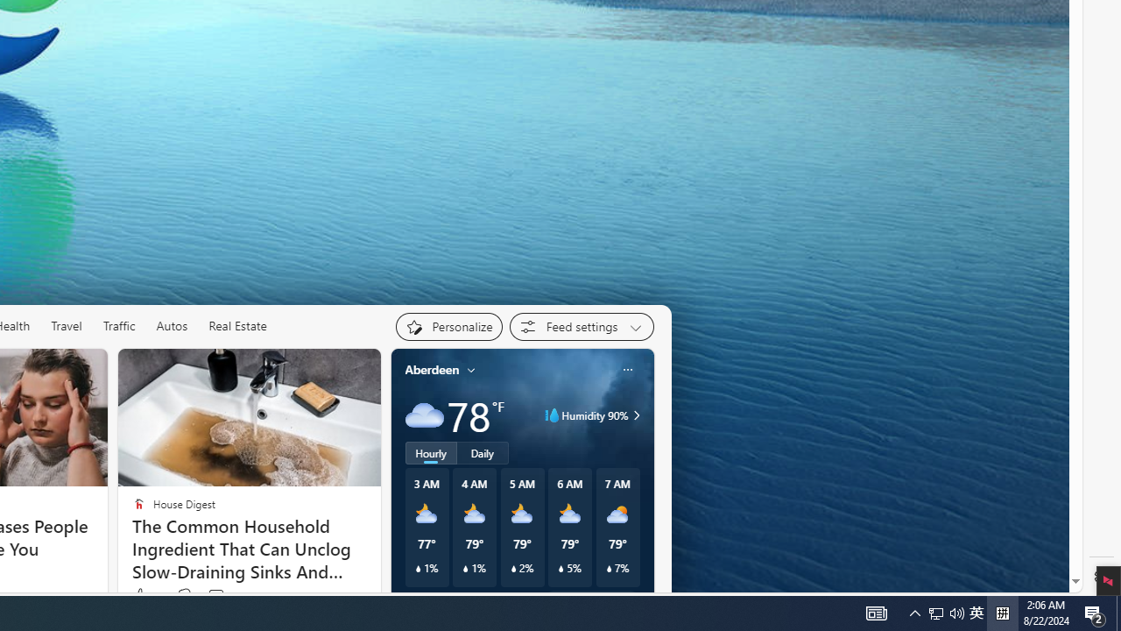 The image size is (1121, 631). Describe the element at coordinates (431, 451) in the screenshot. I see `'Hourly'` at that location.